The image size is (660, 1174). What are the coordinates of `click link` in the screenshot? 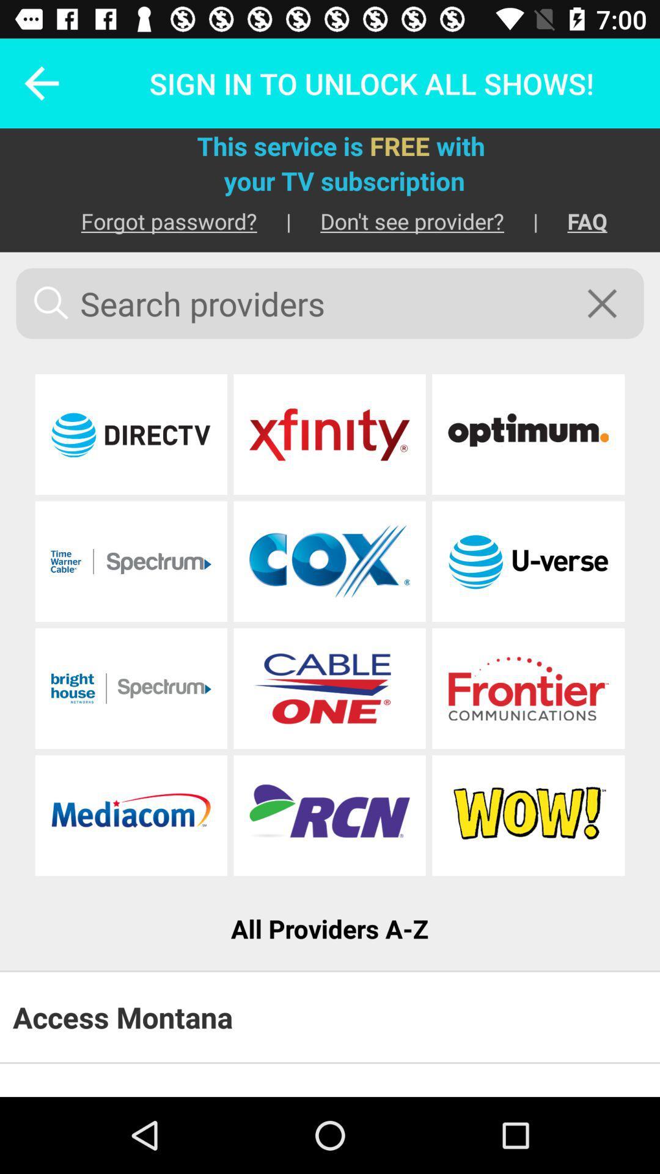 It's located at (329, 434).